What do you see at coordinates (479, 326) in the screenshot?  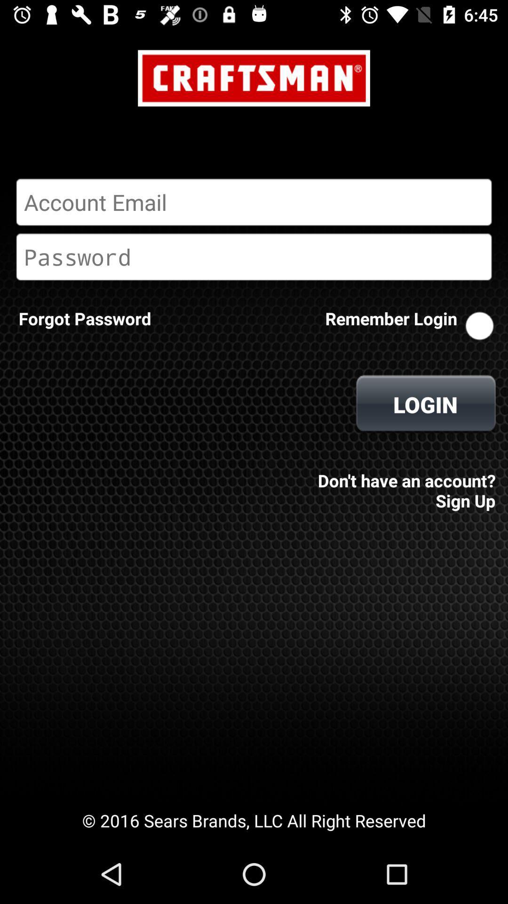 I see `remember login` at bounding box center [479, 326].